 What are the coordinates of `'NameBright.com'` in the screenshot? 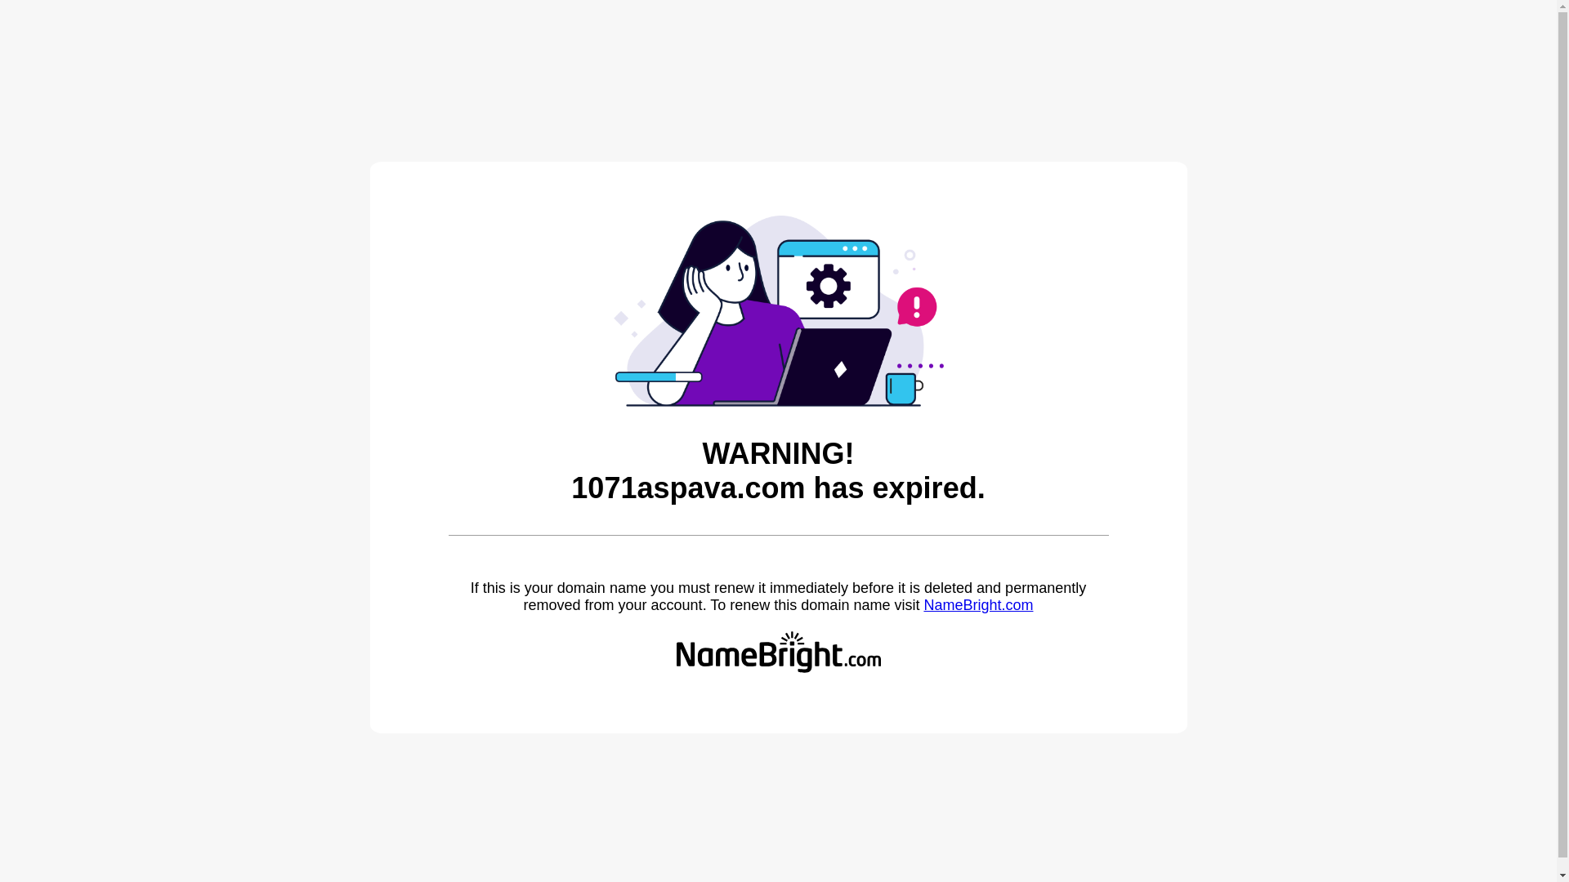 It's located at (923, 604).